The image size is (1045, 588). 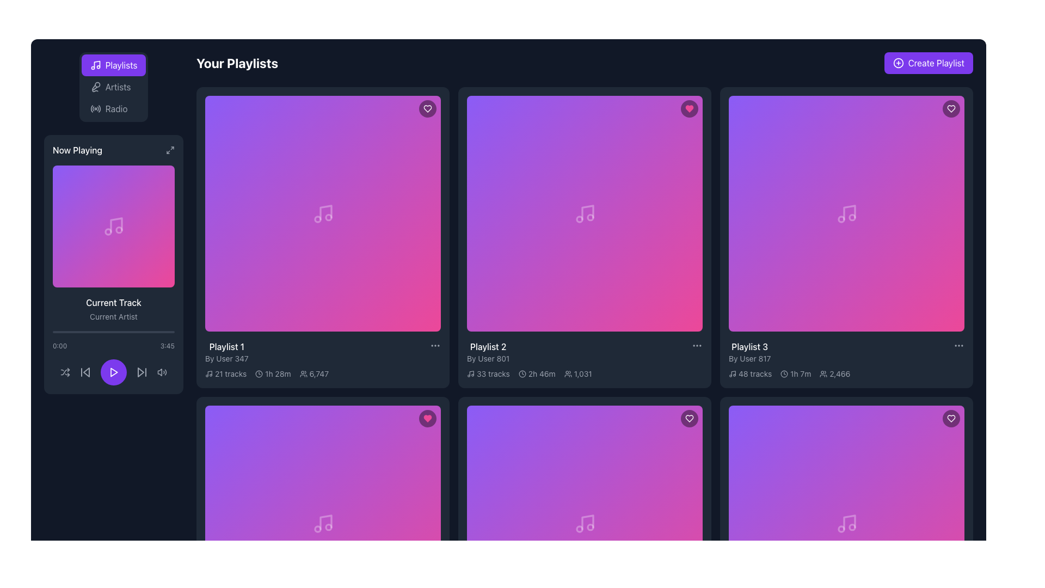 What do you see at coordinates (958, 346) in the screenshot?
I see `the icon button (menu toggle) with three horizontally aligned dots located at the bottom-right corner of the card labeled 'Playlist 3 By User 817'` at bounding box center [958, 346].